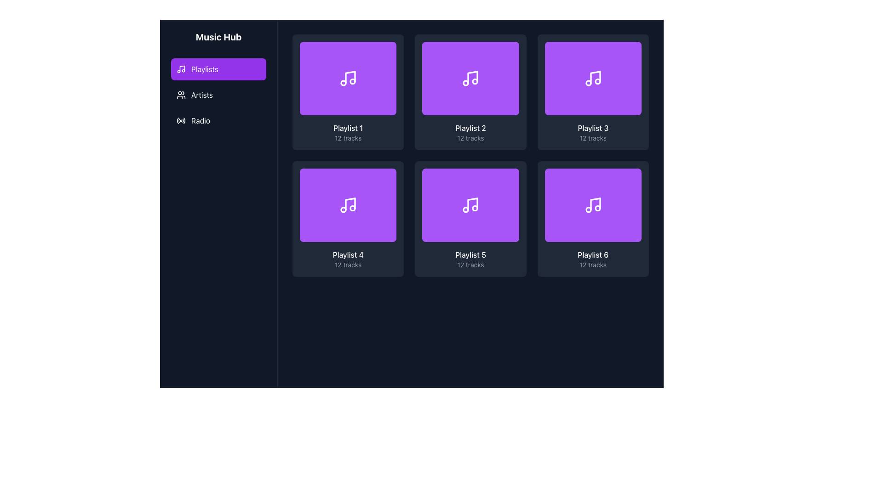 Image resolution: width=883 pixels, height=496 pixels. I want to click on the text label displaying '12 tracks', which is located beneath the bold 'Playlist 1' title in the first card of the grid layout, so click(348, 138).